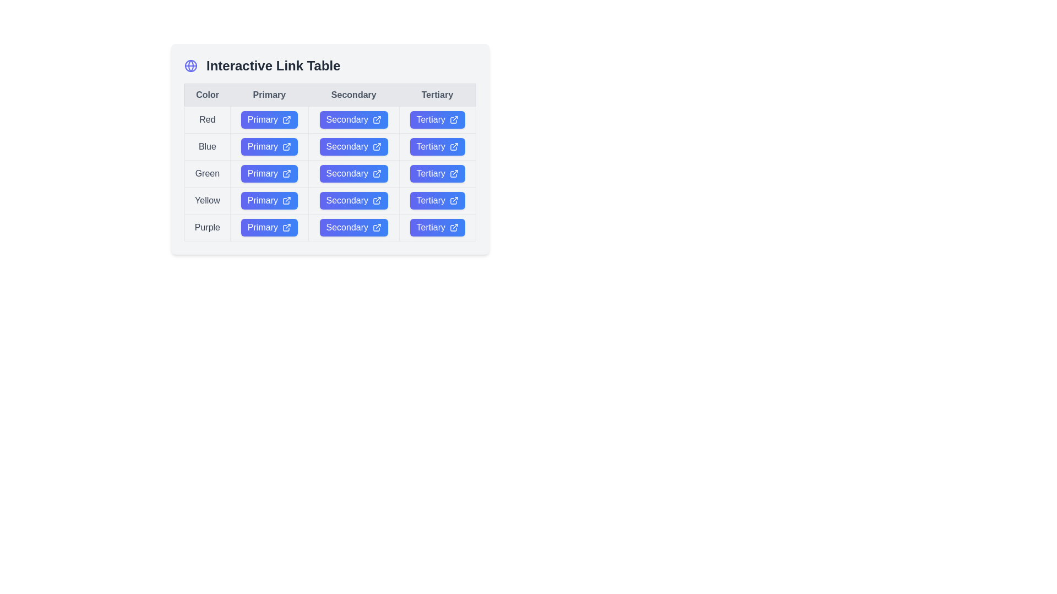  Describe the element at coordinates (437, 173) in the screenshot. I see `the blue rectangular button labeled 'Tertiary' with an external link icon, located in the last column of the table row labeled 'Green'` at that location.